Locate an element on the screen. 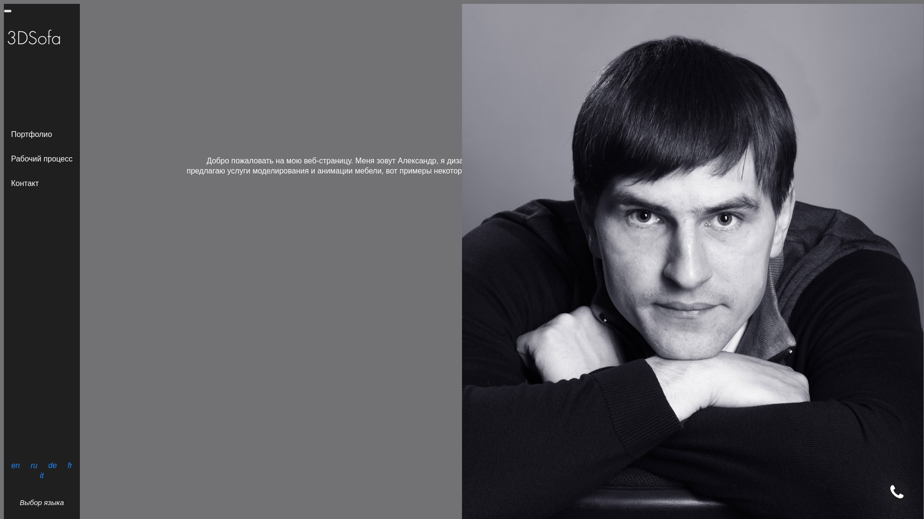 The height and width of the screenshot is (519, 924). 'Call me back' is located at coordinates (474, 303).